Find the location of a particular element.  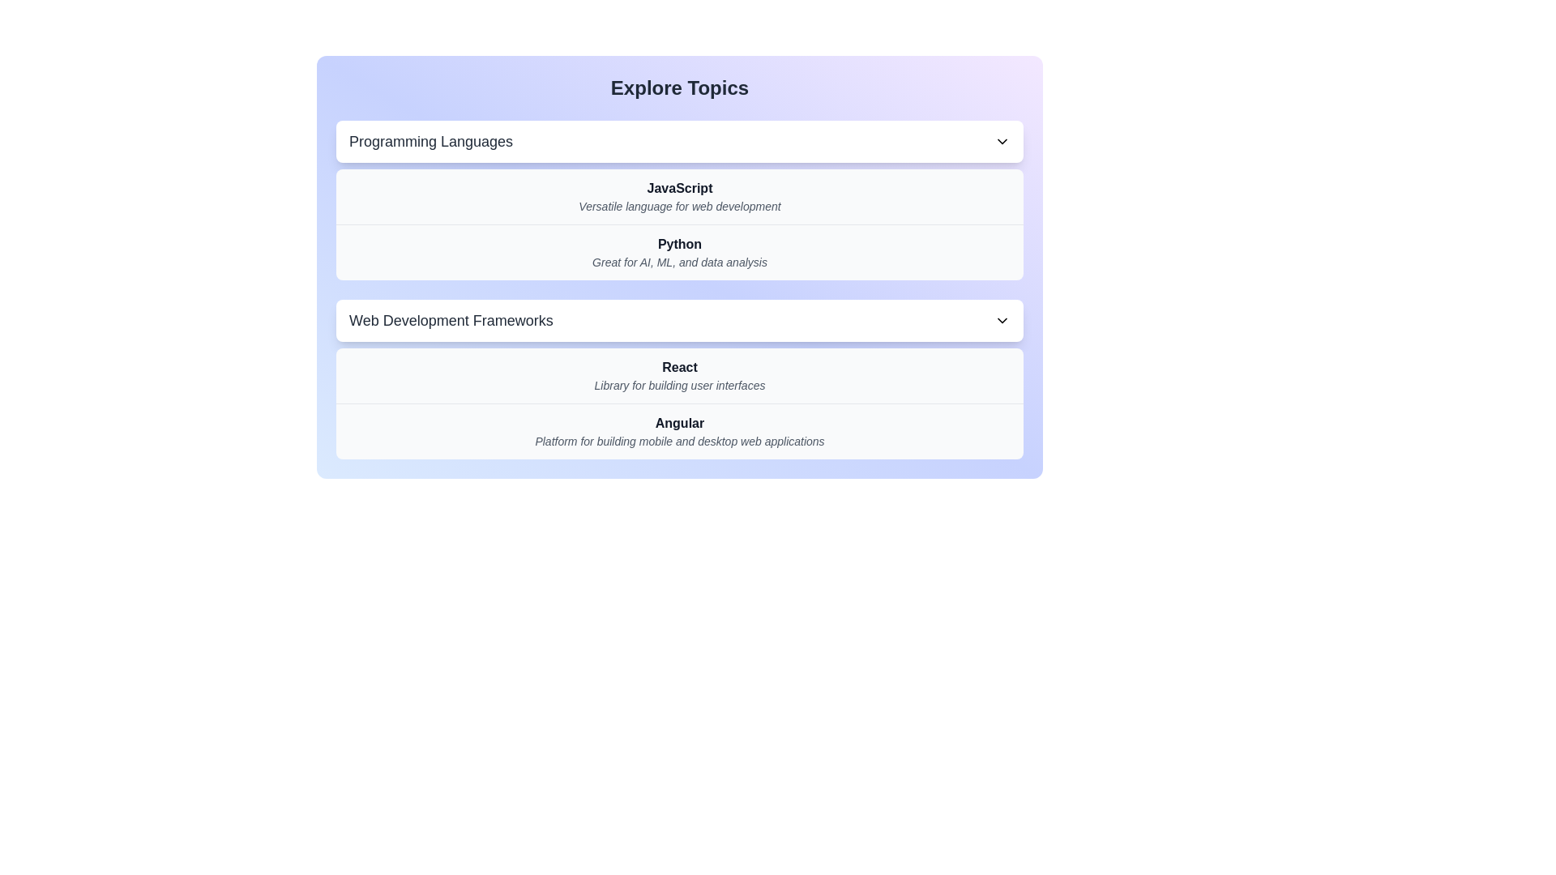

the Collapsible information panel is located at coordinates (680, 267).